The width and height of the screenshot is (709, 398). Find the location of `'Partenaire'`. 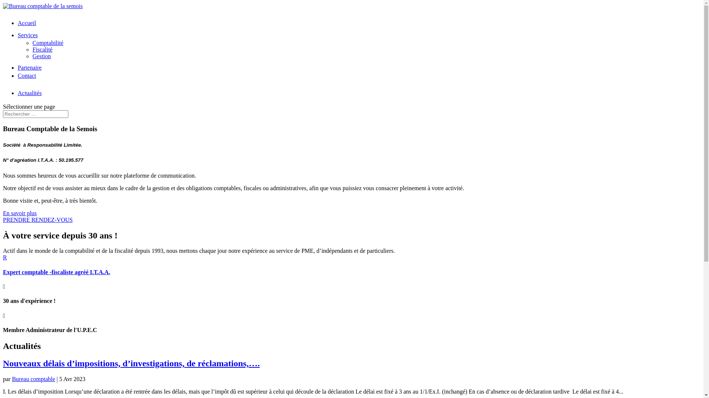

'Partenaire' is located at coordinates (30, 67).